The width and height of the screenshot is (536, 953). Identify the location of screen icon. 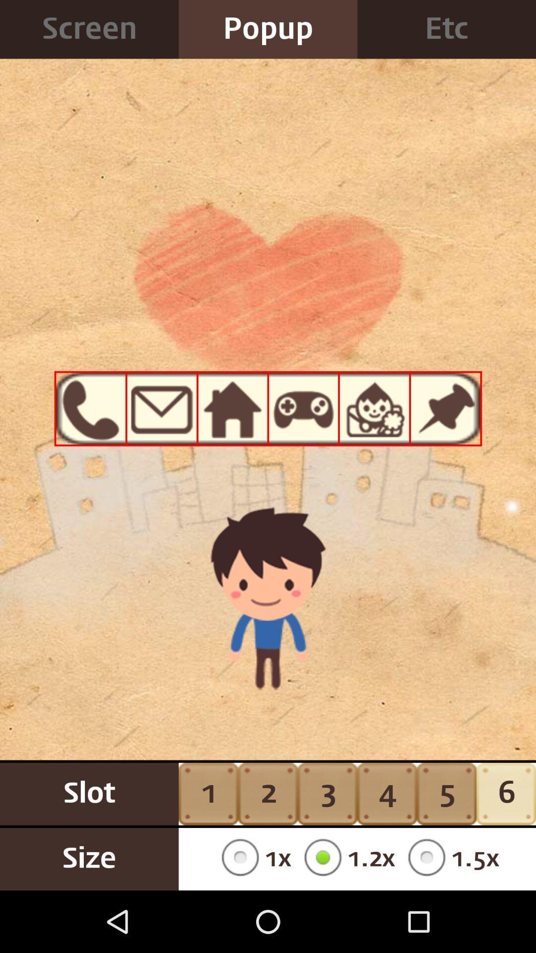
(89, 29).